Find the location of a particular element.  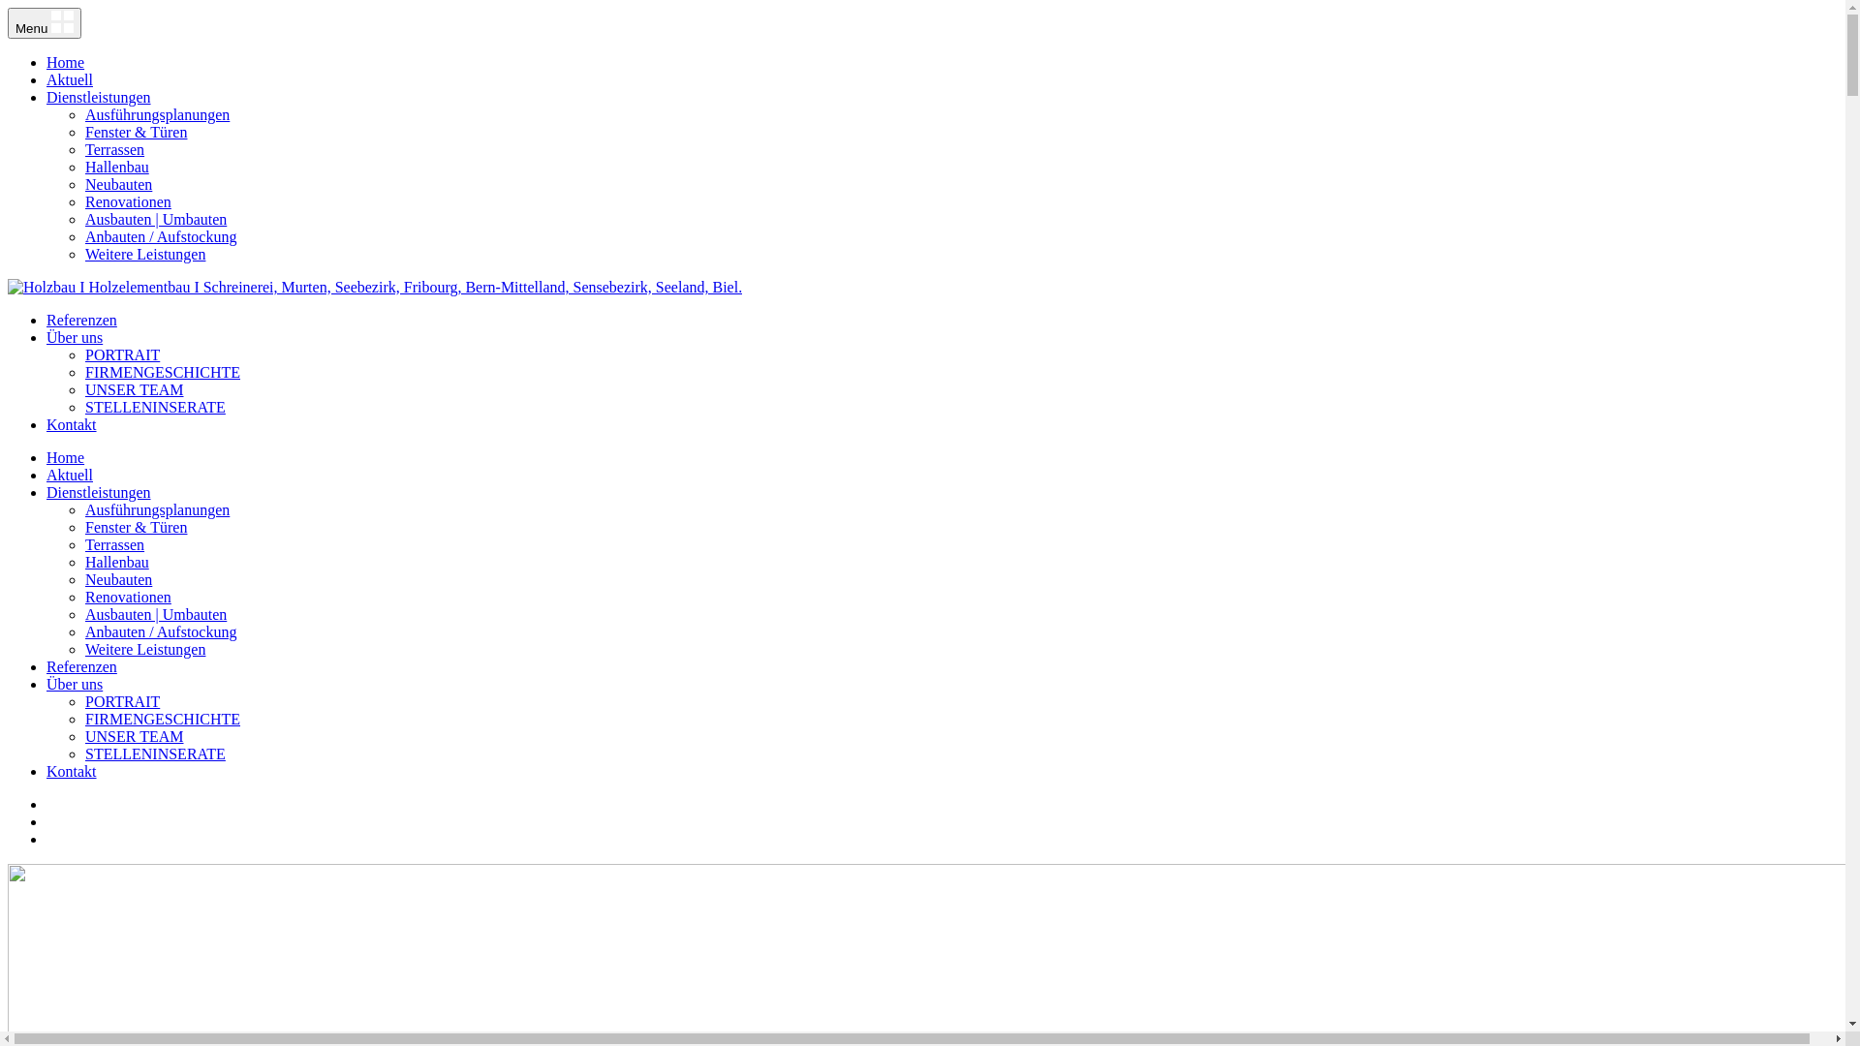

'PORTRAIT' is located at coordinates (83, 701).